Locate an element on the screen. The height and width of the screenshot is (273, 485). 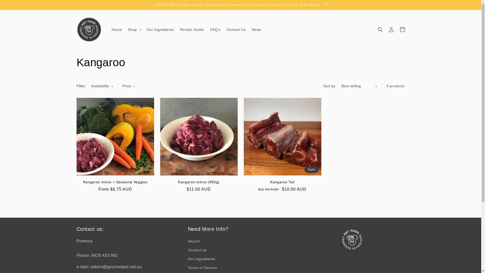
'FAQ's' is located at coordinates (215, 29).